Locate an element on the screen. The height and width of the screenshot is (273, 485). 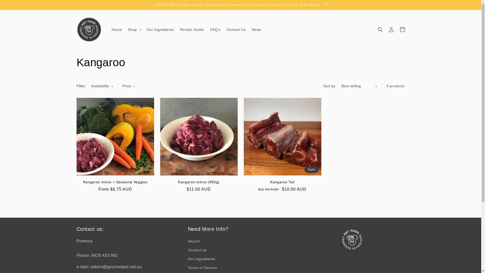
'FAQ's' is located at coordinates (215, 29).